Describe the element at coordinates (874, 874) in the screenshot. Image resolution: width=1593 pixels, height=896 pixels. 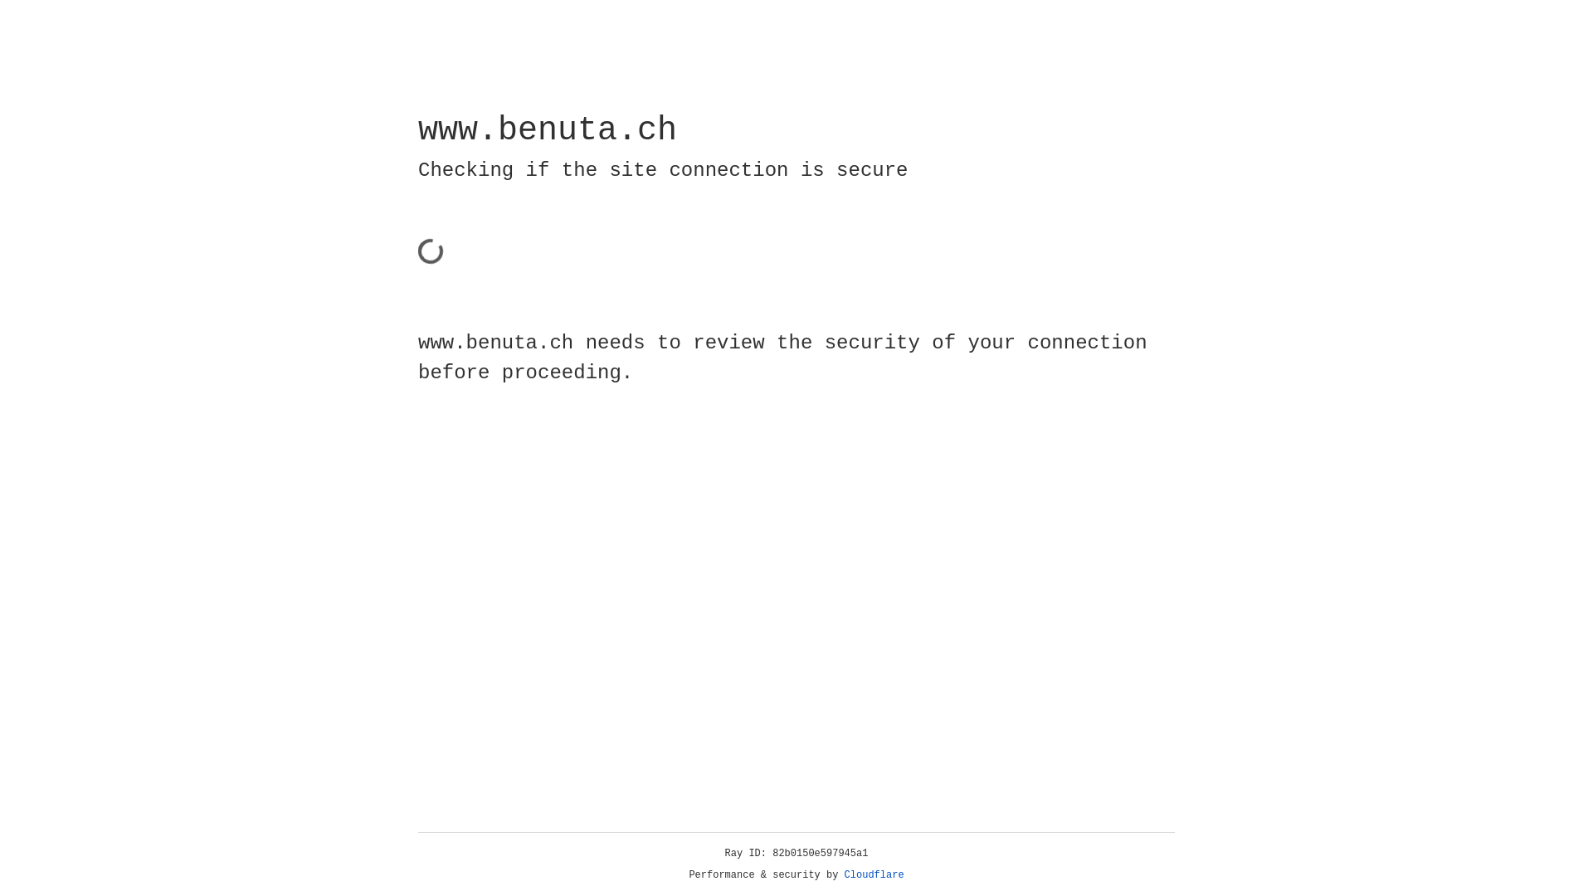
I see `'Cloudflare'` at that location.